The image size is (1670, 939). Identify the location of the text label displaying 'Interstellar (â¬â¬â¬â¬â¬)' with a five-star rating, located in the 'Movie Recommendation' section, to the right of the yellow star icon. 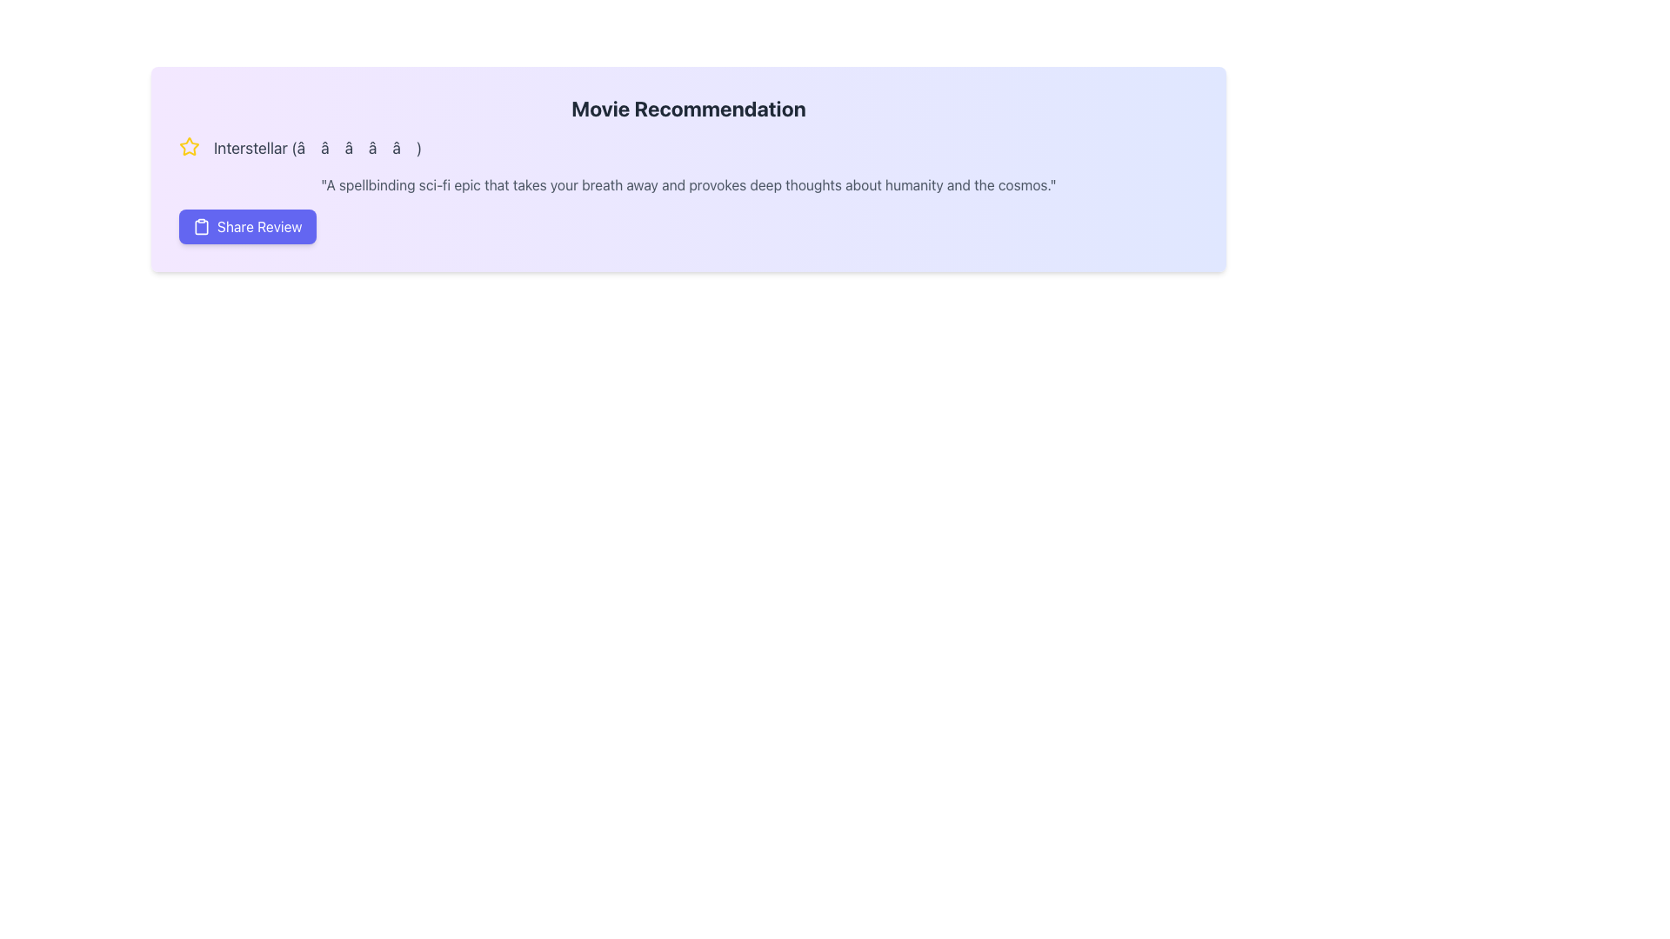
(317, 147).